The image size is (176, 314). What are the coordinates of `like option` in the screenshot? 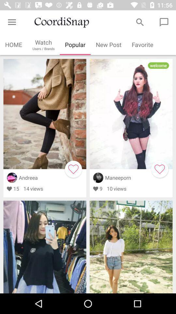 It's located at (159, 169).